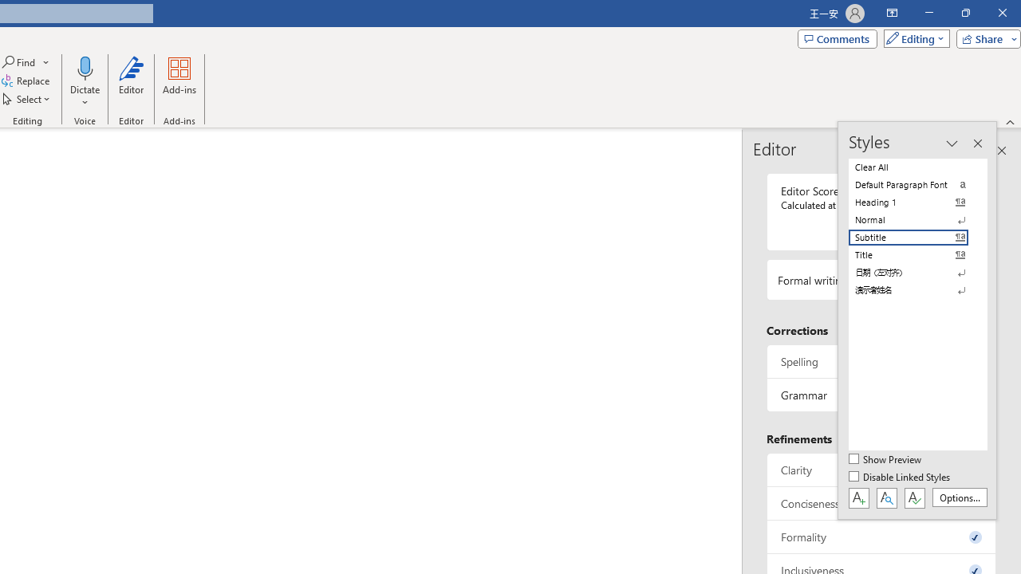  What do you see at coordinates (917, 238) in the screenshot?
I see `'Subtitle'` at bounding box center [917, 238].